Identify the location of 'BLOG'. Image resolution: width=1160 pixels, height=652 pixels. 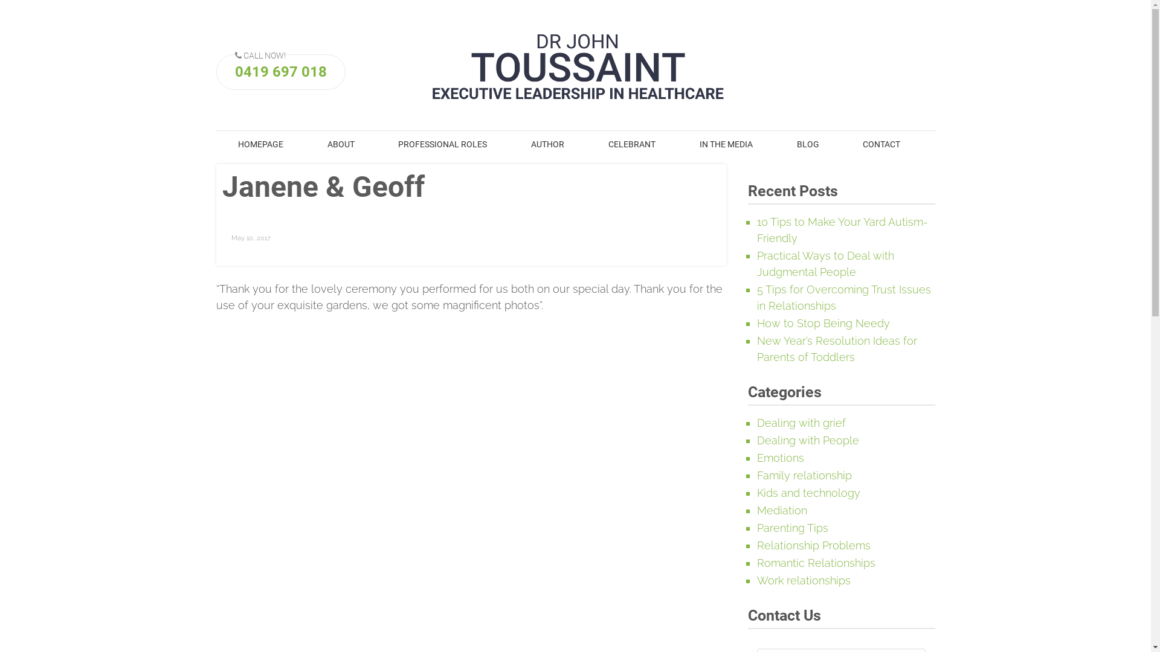
(808, 144).